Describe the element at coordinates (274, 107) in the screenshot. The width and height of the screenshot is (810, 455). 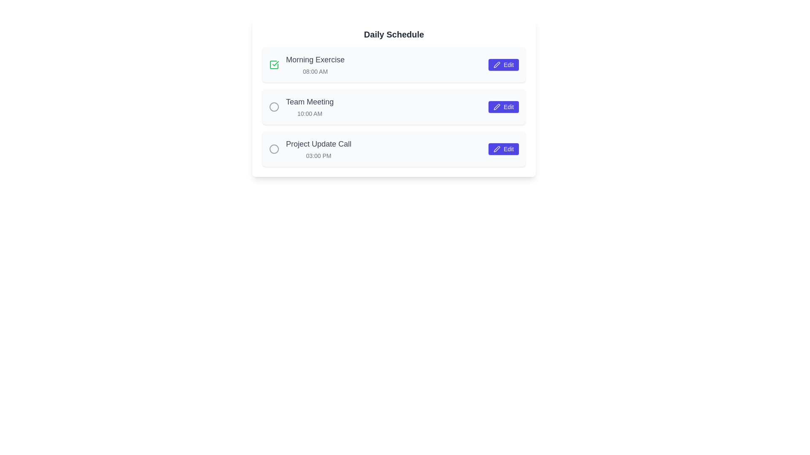
I see `the Outline circle icon located adjacent to the 'Team Meeting' text, which is outlined with a thin gray line and has no fill` at that location.